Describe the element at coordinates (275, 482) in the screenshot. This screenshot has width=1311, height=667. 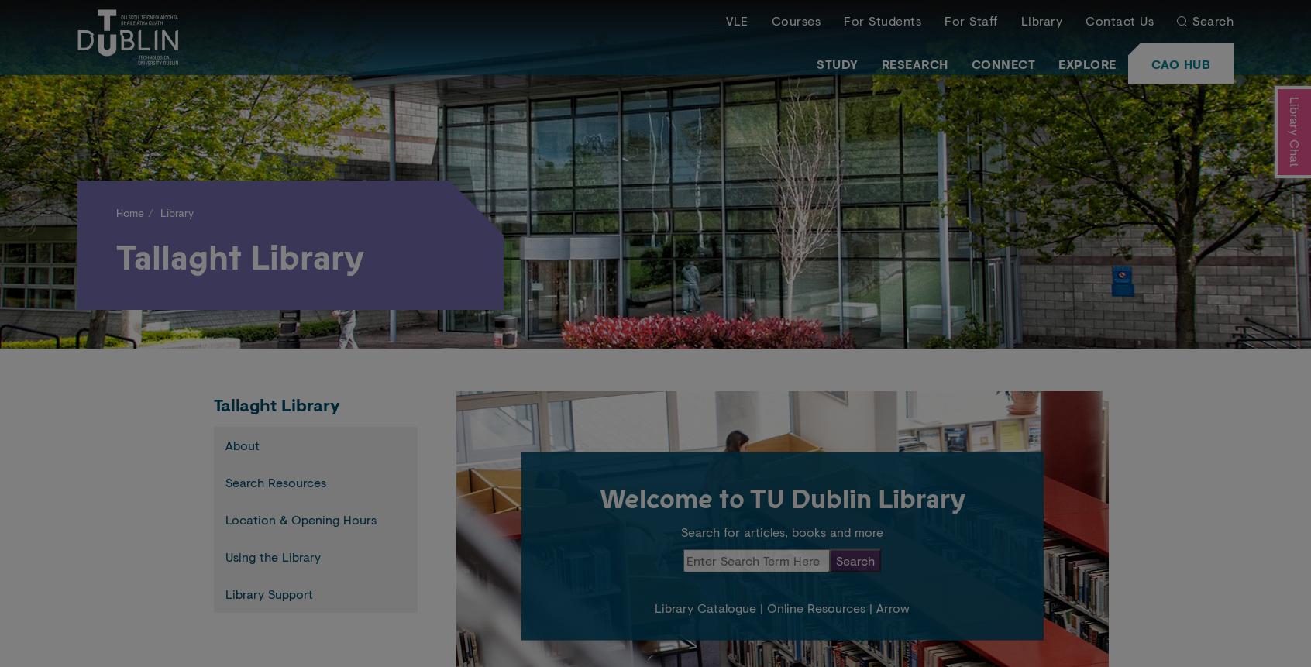
I see `'Search Resources'` at that location.